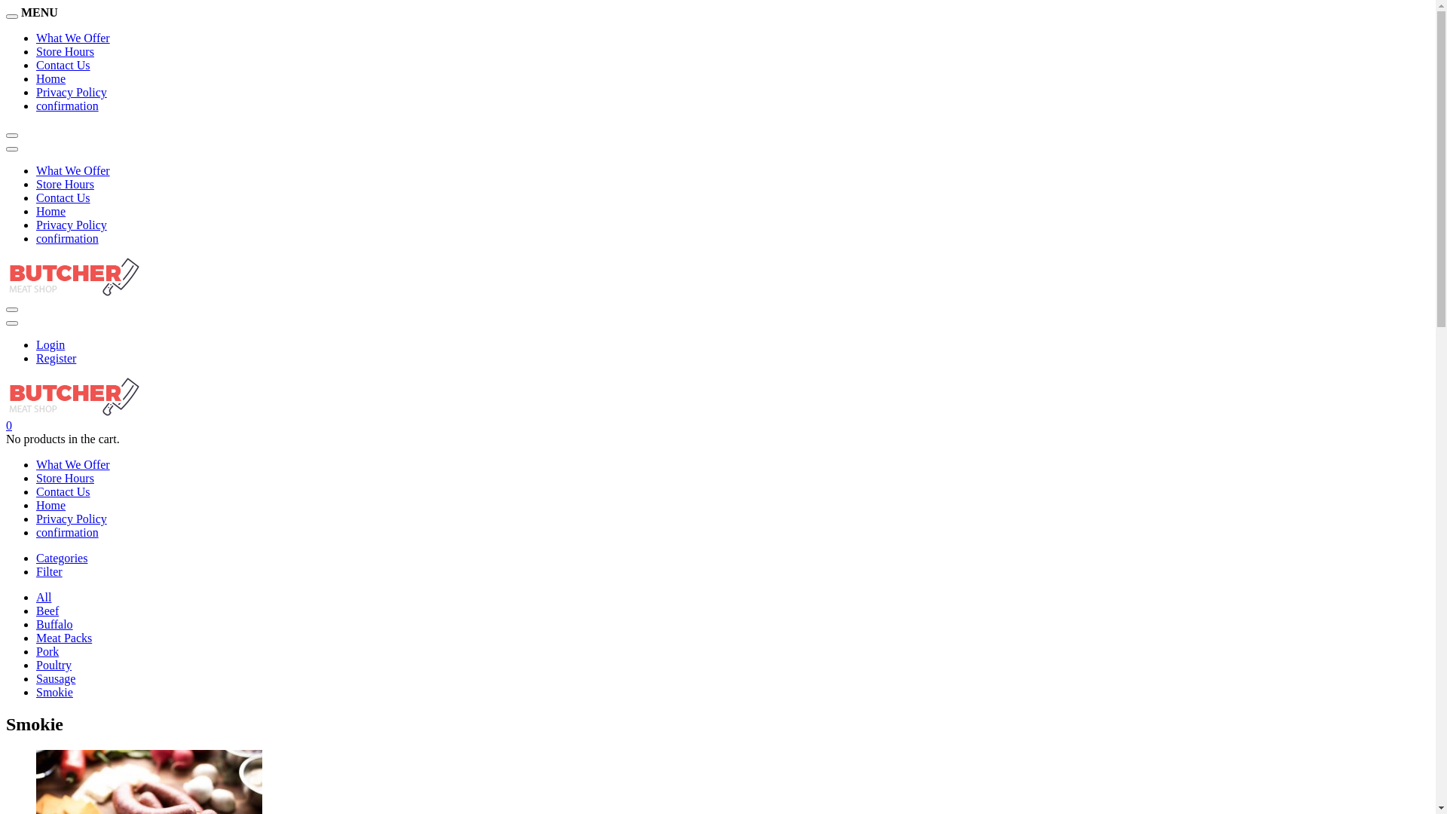 The width and height of the screenshot is (1447, 814). I want to click on 'Home', so click(50, 505).